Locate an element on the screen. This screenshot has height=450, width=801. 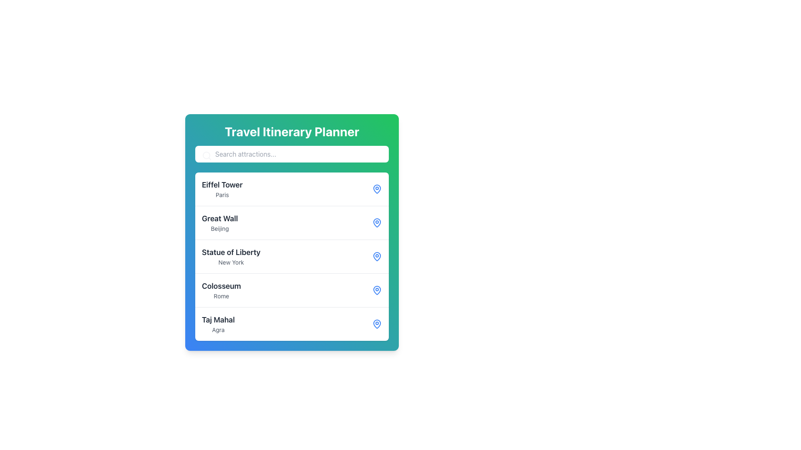
the text label that serves as the title for the attraction entry, labeled 'Great Wall', located in the second row of the list of destinations is located at coordinates (220, 218).